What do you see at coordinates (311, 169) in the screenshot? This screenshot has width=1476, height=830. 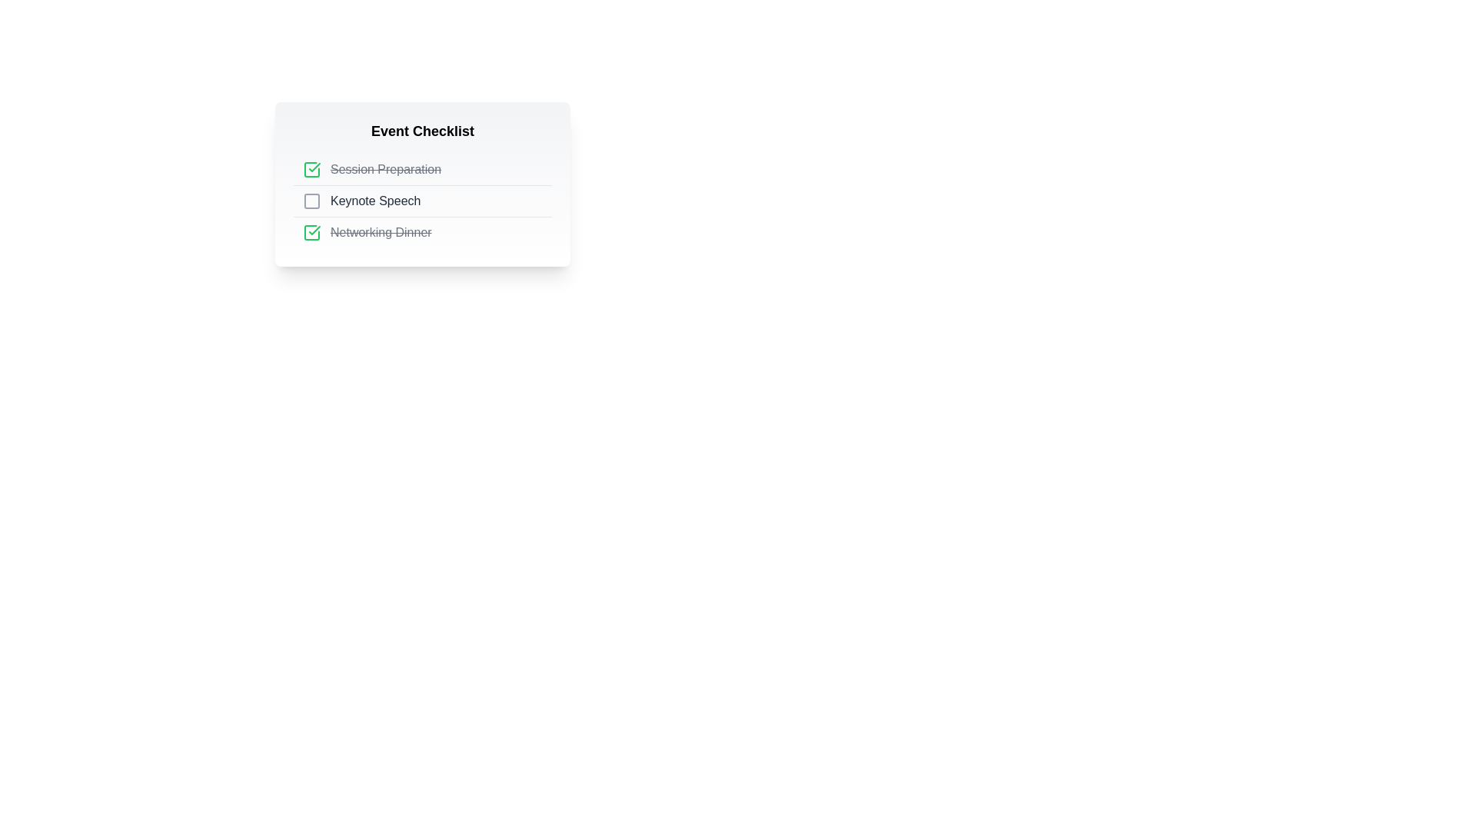 I see `the green check-mark icon located to the left of the 'Session Preparation' text` at bounding box center [311, 169].